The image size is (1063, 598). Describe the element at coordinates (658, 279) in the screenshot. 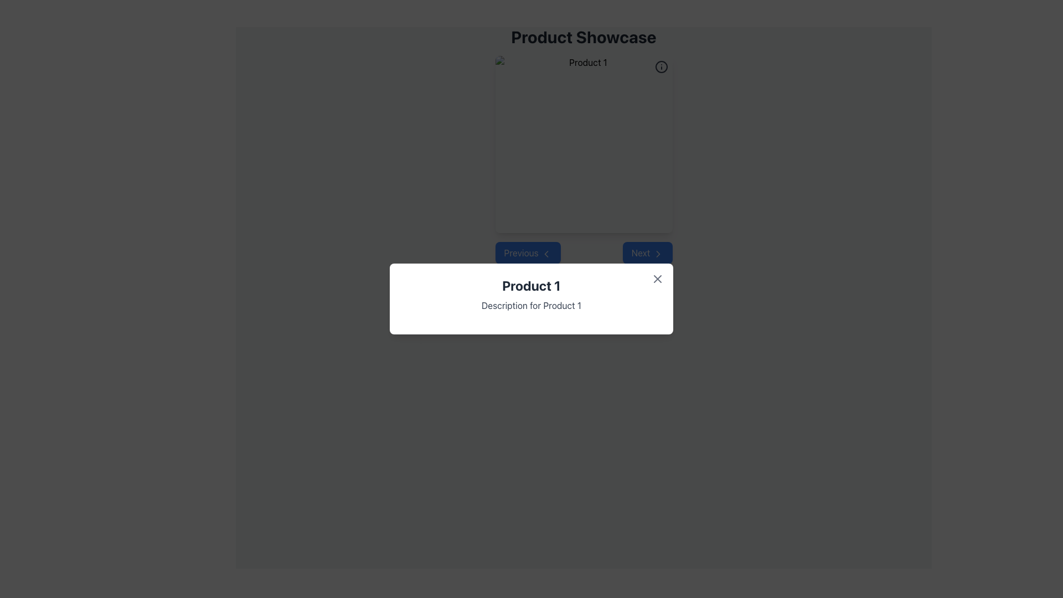

I see `the close button styled as an 'X' symbol located in the top-right corner of the modal box adjacent to the title text 'Product 1'` at that location.